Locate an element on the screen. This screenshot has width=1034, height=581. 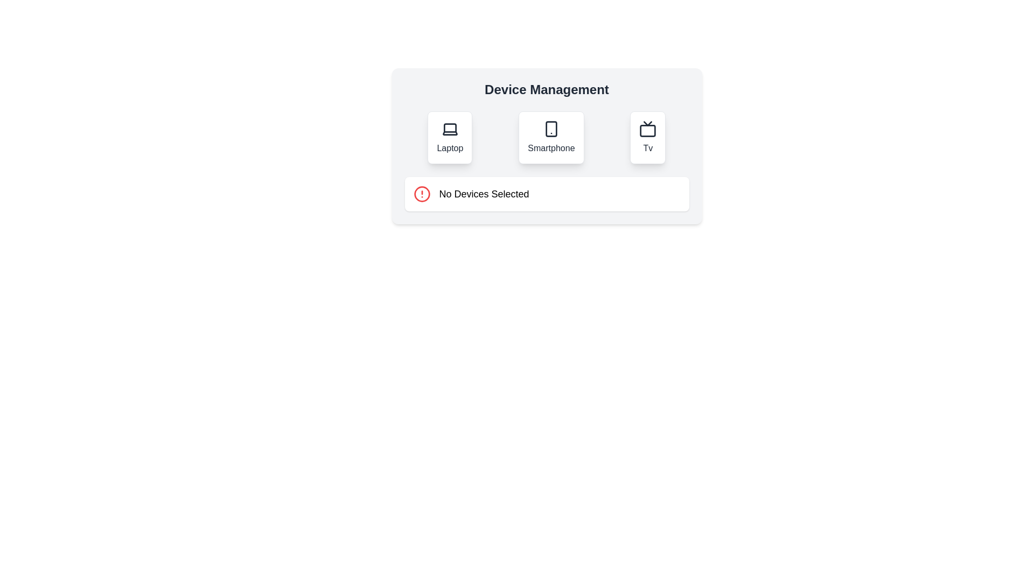
the text label that identifies the television device, located in the bottom section of the third card in a horizontally-arranged collection of device options is located at coordinates (647, 148).